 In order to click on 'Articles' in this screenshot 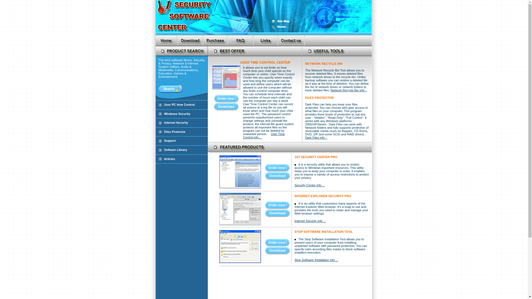, I will do `click(169, 159)`.